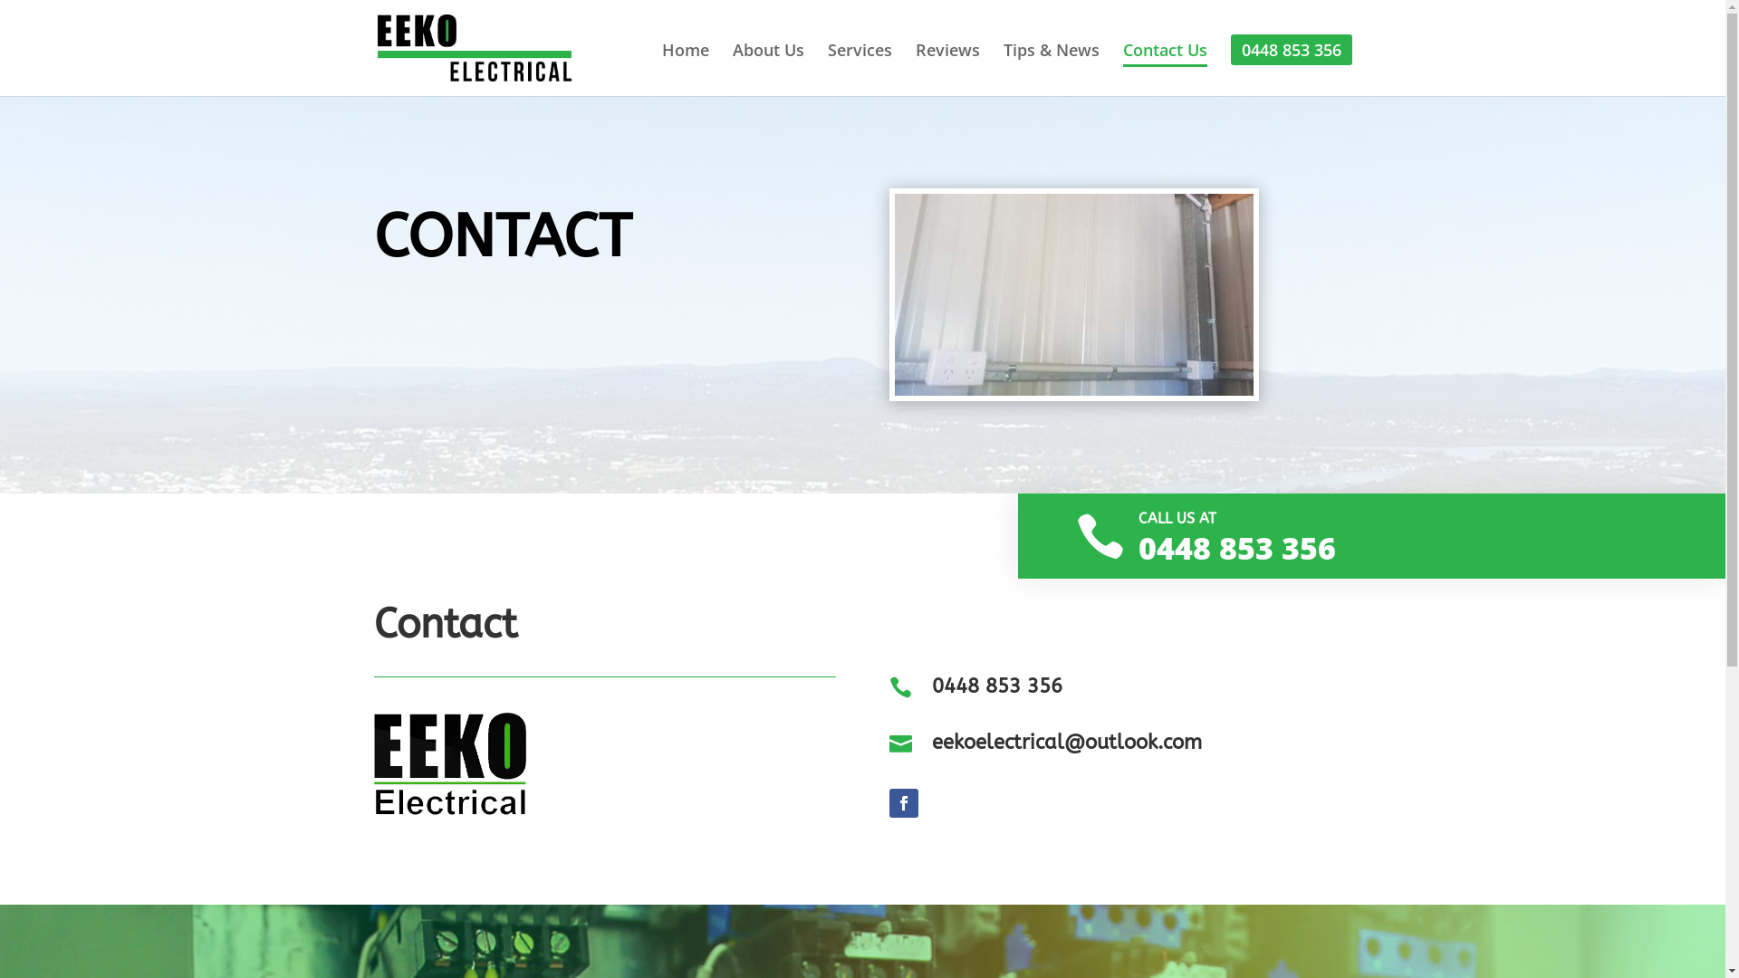  Describe the element at coordinates (767, 65) in the screenshot. I see `'About Us'` at that location.